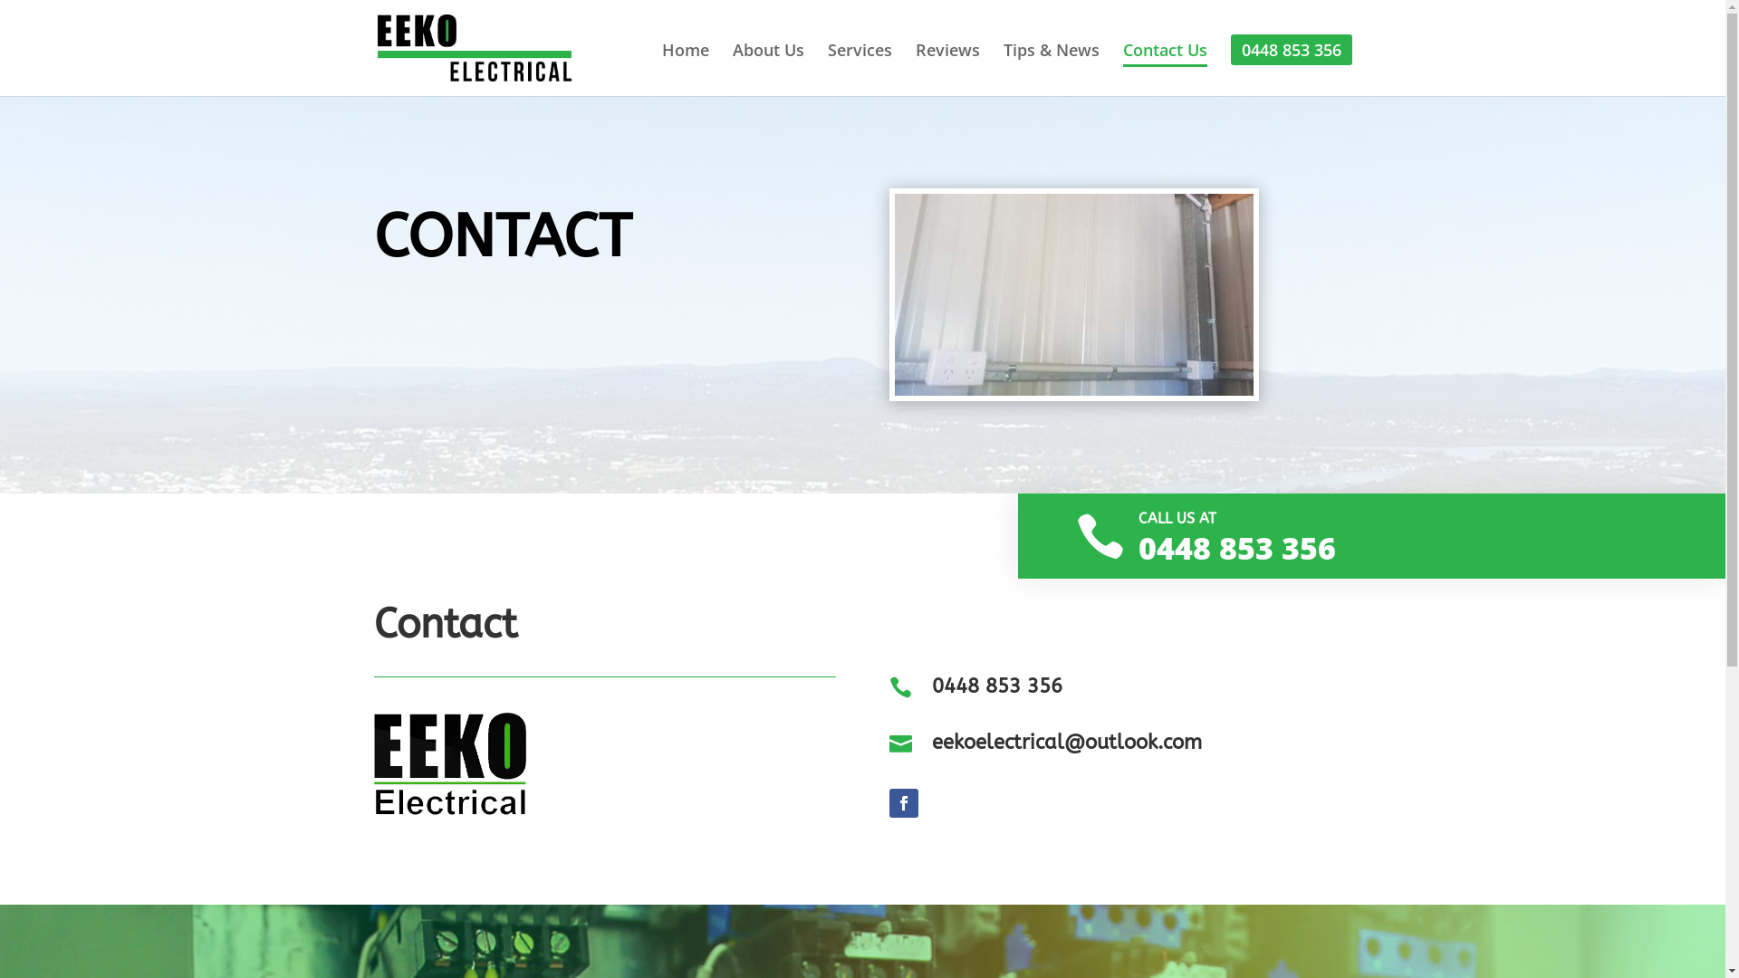  Describe the element at coordinates (767, 65) in the screenshot. I see `'About Us'` at that location.